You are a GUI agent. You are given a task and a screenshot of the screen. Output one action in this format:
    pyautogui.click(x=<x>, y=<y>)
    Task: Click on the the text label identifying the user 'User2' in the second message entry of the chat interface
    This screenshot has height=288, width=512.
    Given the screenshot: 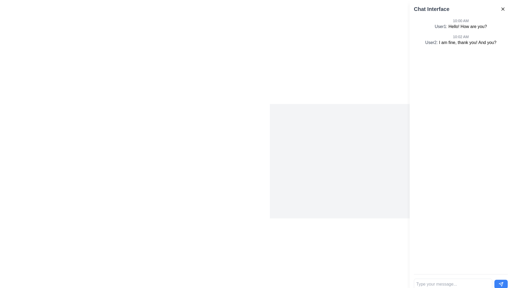 What is the action you would take?
    pyautogui.click(x=432, y=42)
    